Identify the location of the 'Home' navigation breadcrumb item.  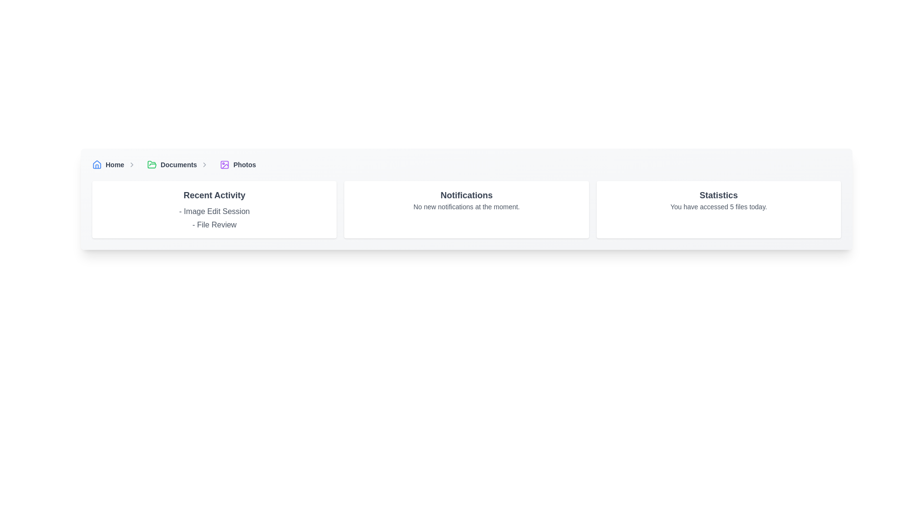
(115, 164).